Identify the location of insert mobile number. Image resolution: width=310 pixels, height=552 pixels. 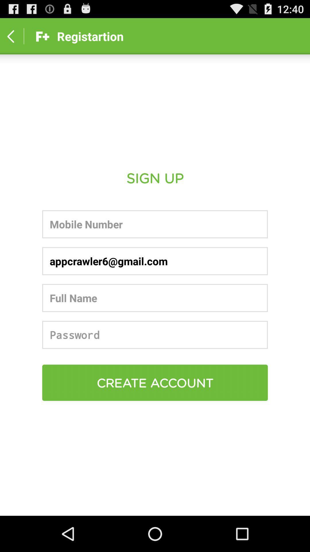
(155, 224).